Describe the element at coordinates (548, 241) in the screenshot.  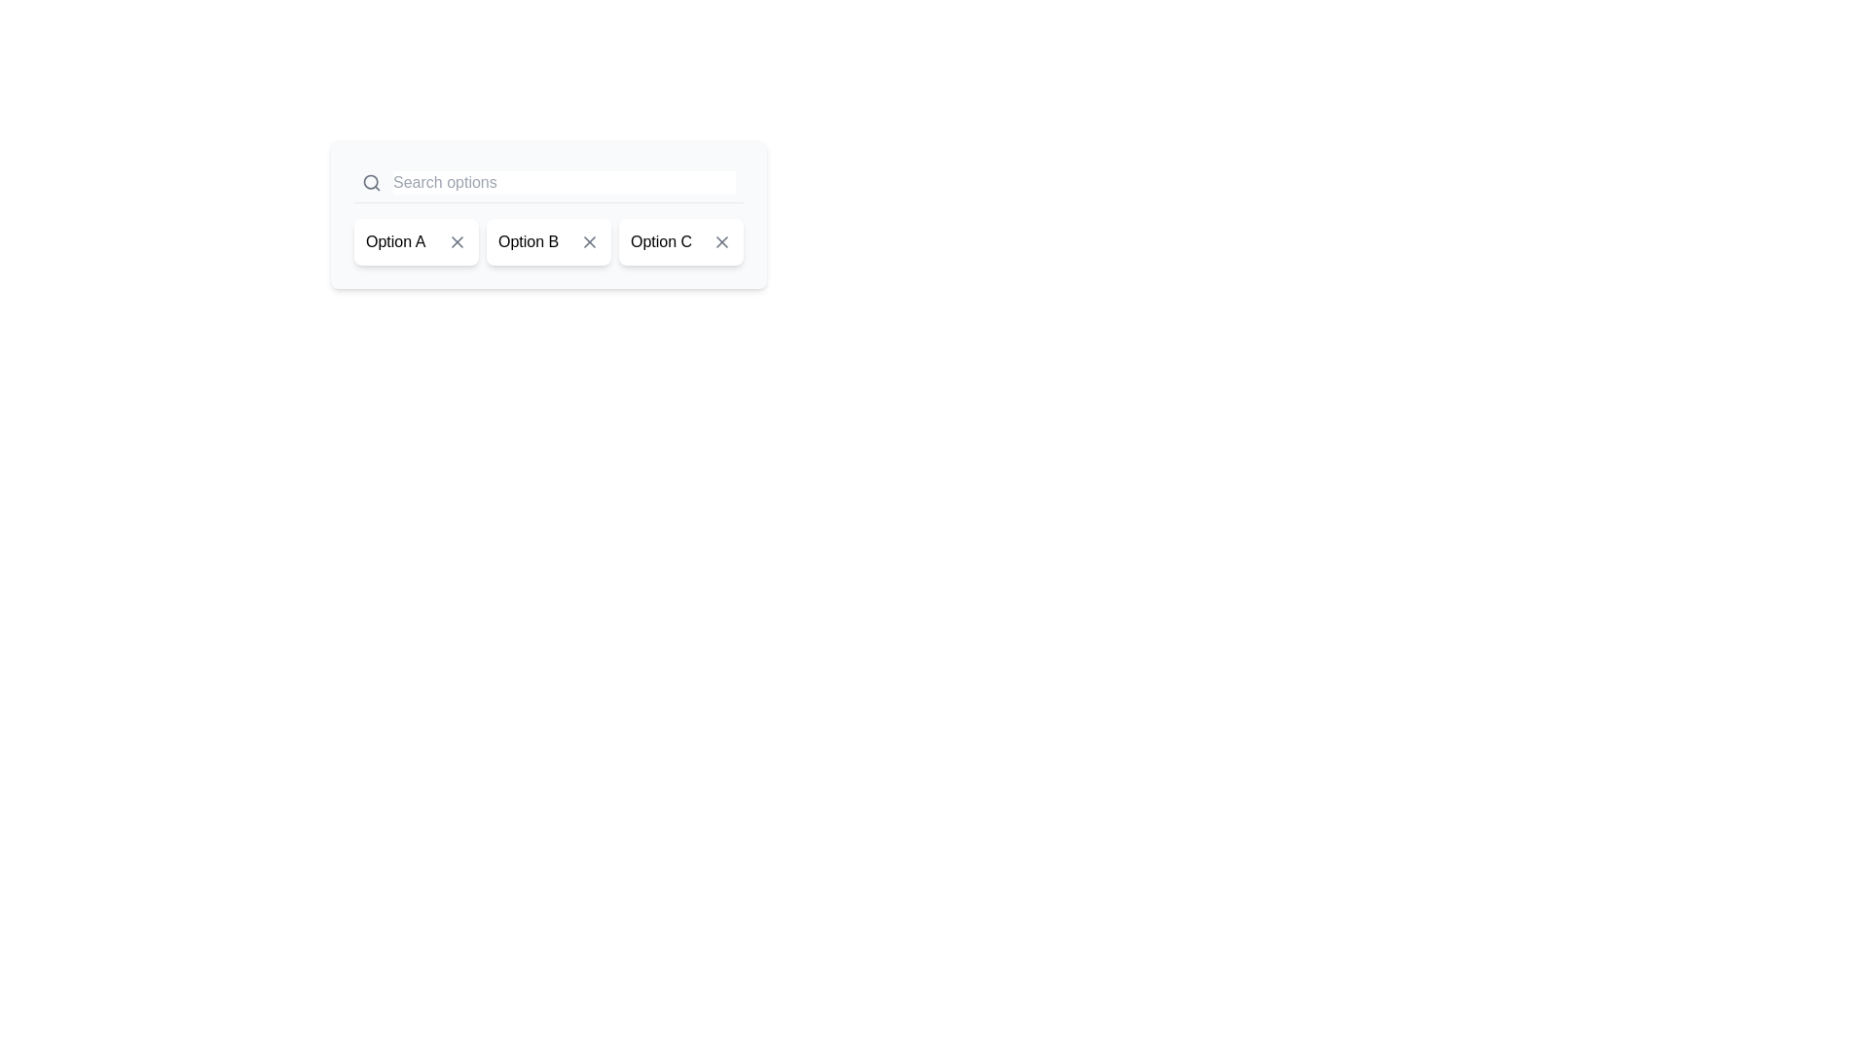
I see `the chip labeled Option B` at that location.